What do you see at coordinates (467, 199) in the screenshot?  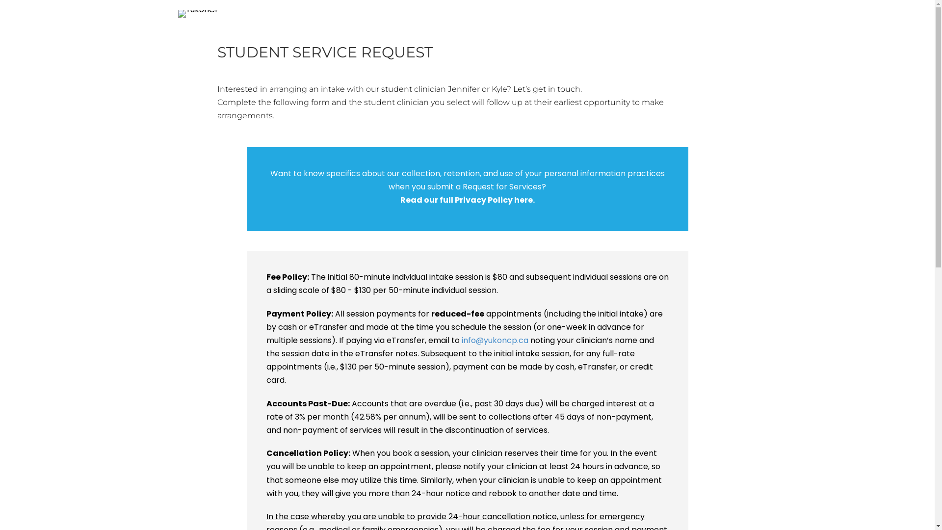 I see `'Read our full Privacy Policy here.'` at bounding box center [467, 199].